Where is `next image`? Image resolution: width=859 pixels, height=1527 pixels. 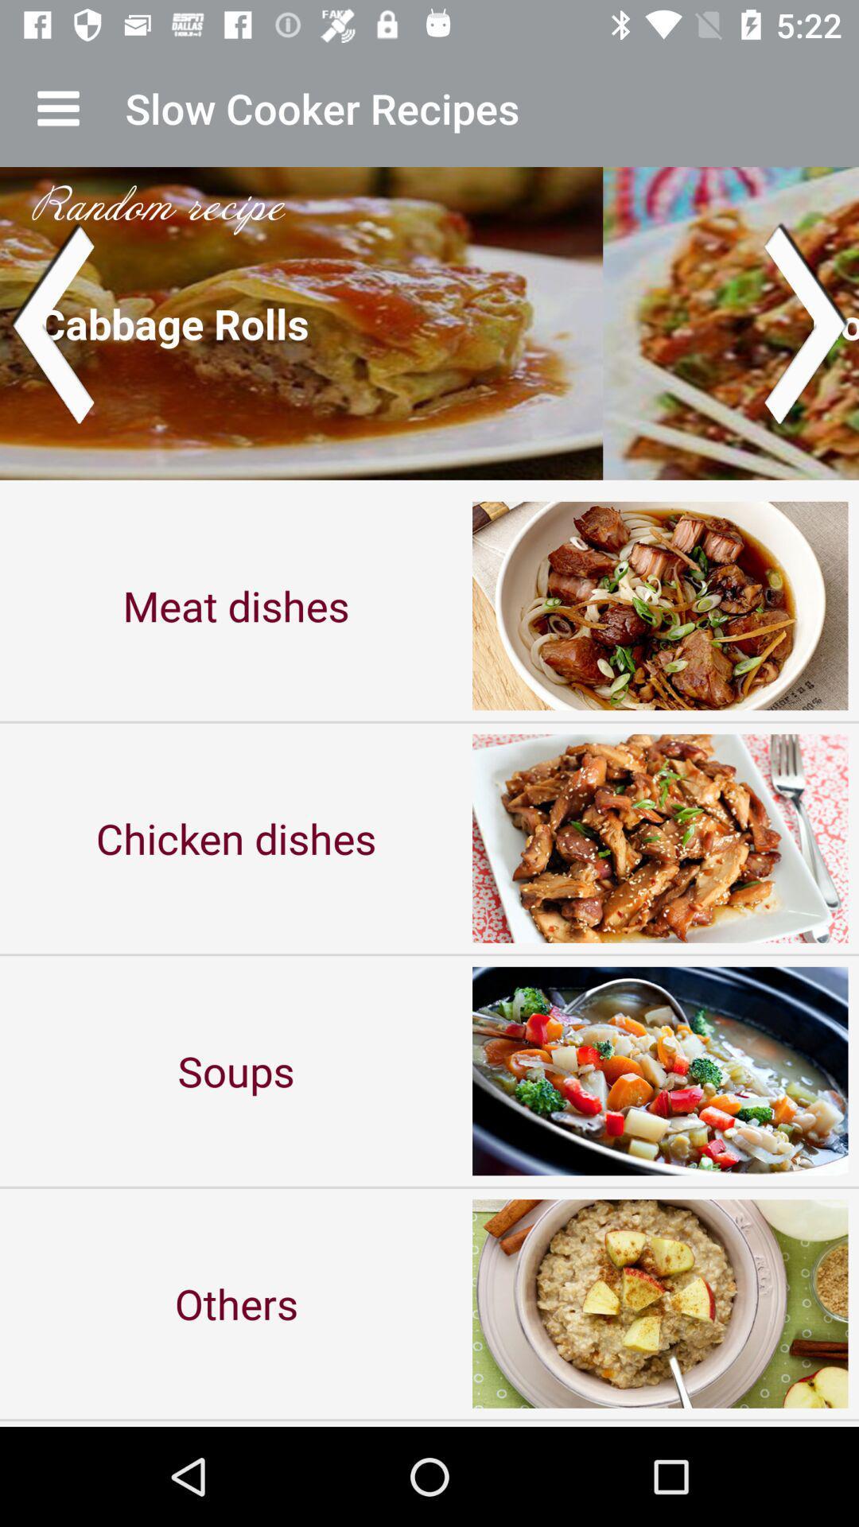 next image is located at coordinates (807, 322).